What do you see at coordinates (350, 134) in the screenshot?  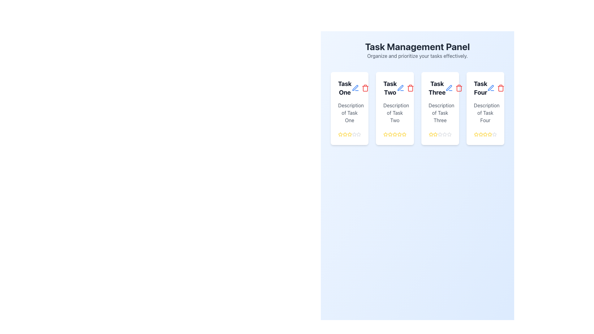 I see `the third star in the rating system for 'Task One'` at bounding box center [350, 134].